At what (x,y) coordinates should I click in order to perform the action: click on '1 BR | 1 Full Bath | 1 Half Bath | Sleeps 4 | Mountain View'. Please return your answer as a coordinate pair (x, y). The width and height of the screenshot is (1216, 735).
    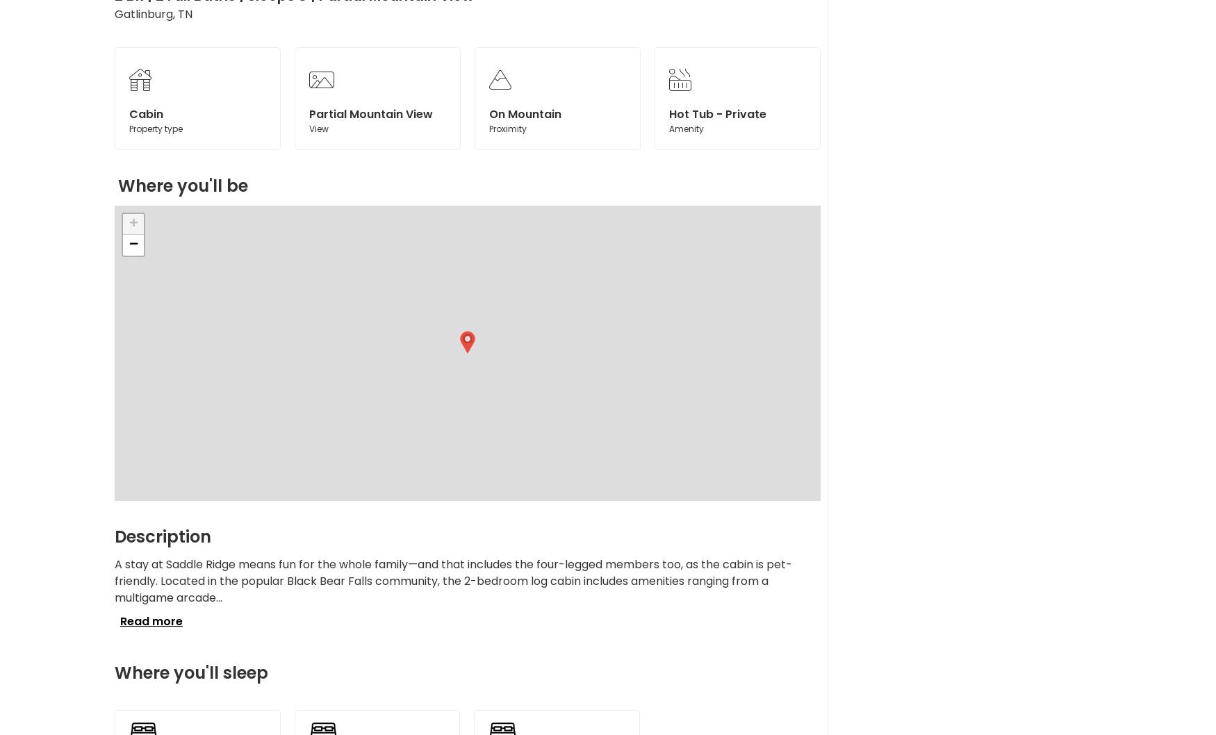
    Looking at the image, I should click on (213, 183).